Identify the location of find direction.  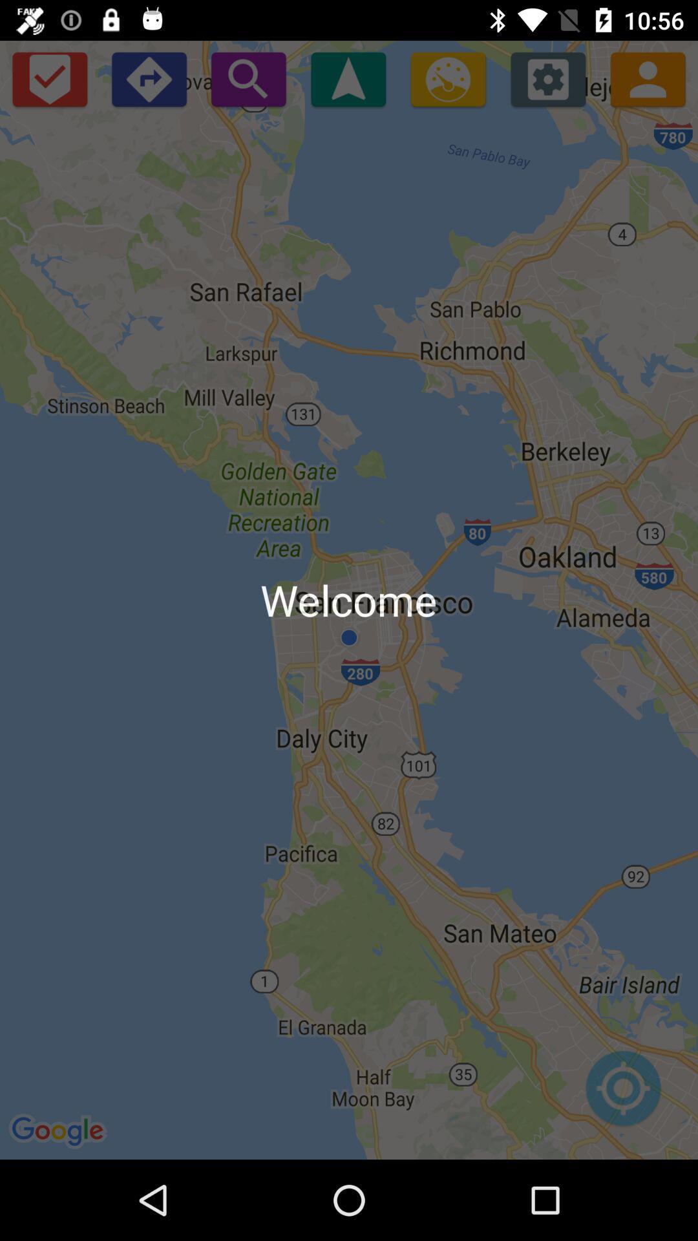
(348, 78).